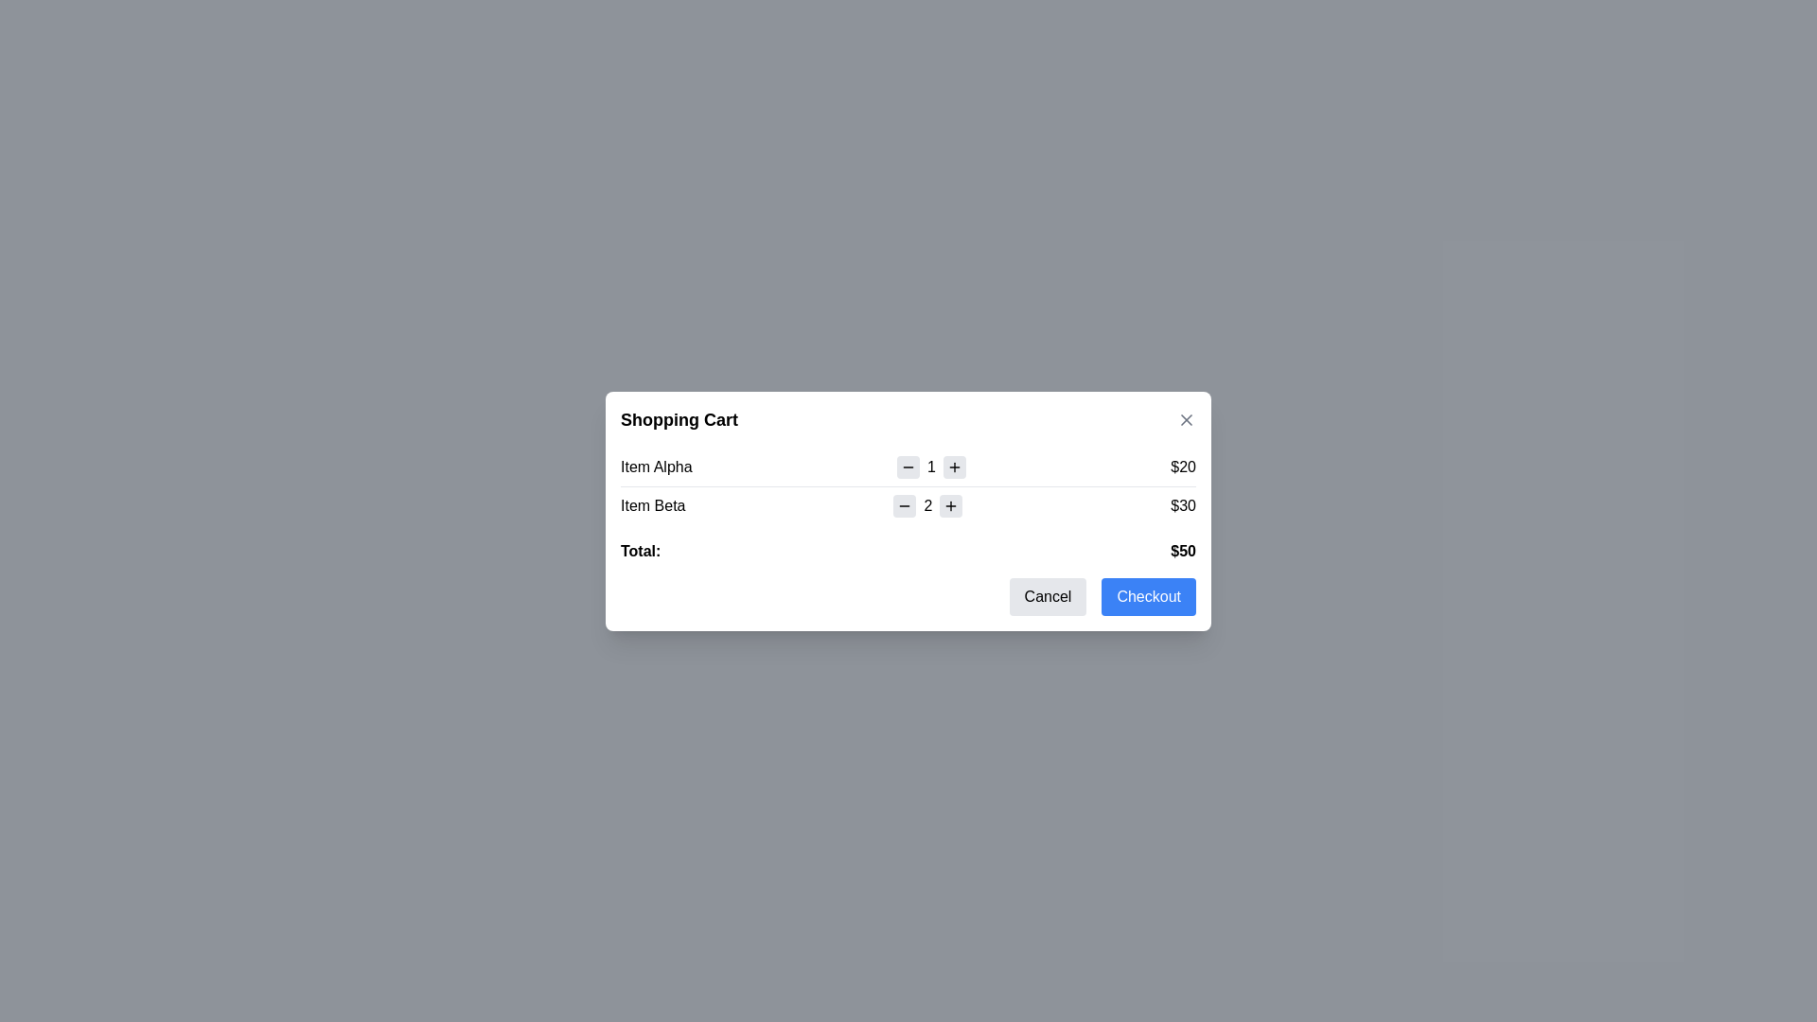  I want to click on text from the static label indicating the total amount payable in the shopping cart summary, located to the left of the value '$50', so click(641, 551).